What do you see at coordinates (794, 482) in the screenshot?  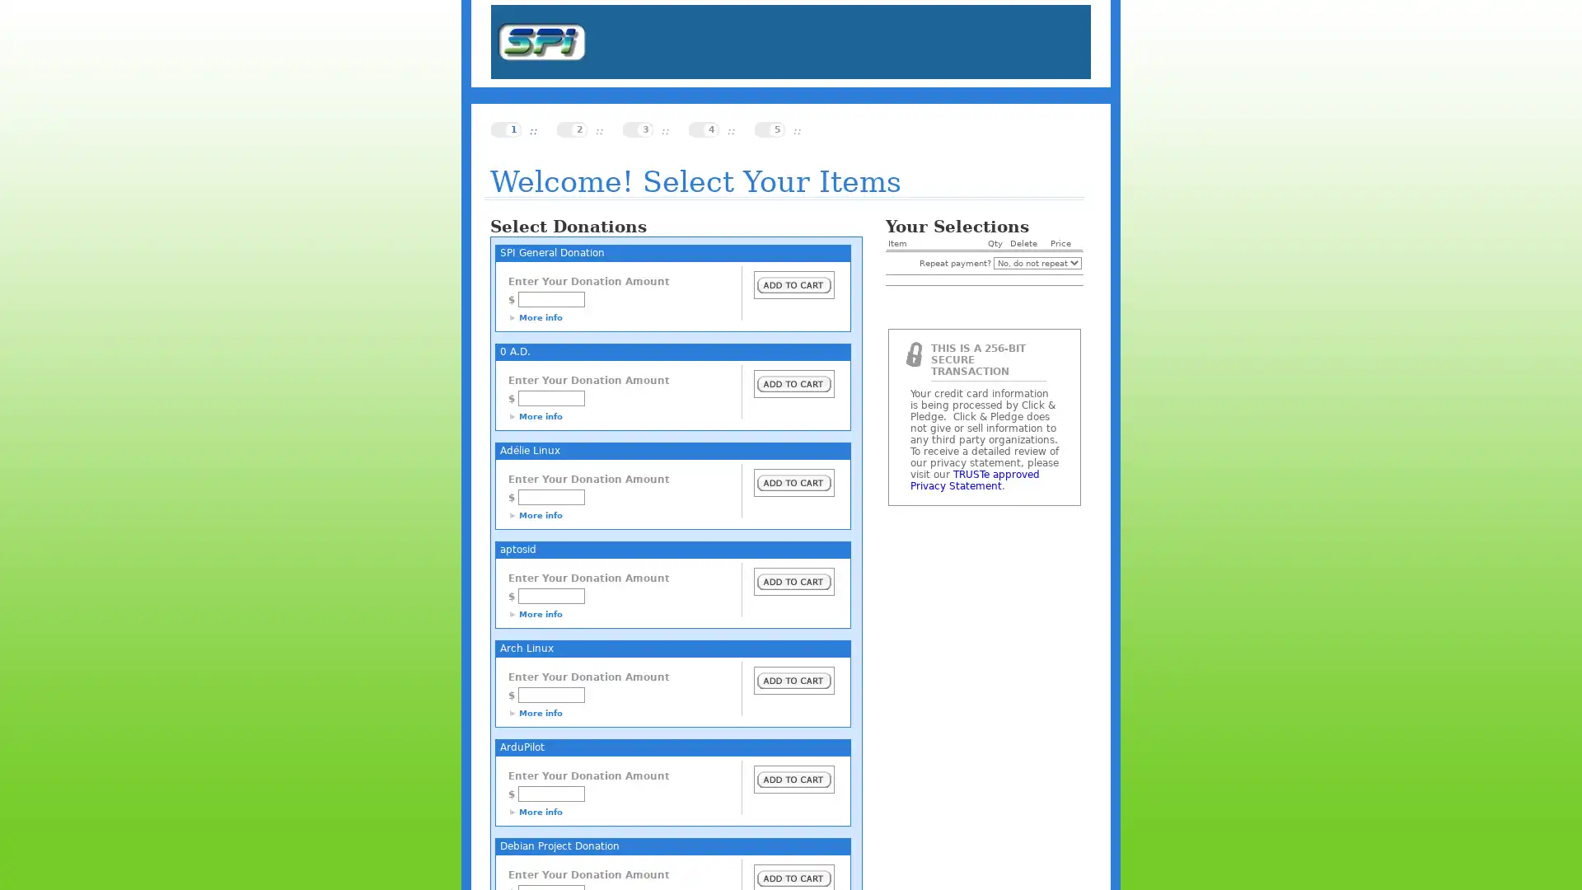 I see `Submit` at bounding box center [794, 482].